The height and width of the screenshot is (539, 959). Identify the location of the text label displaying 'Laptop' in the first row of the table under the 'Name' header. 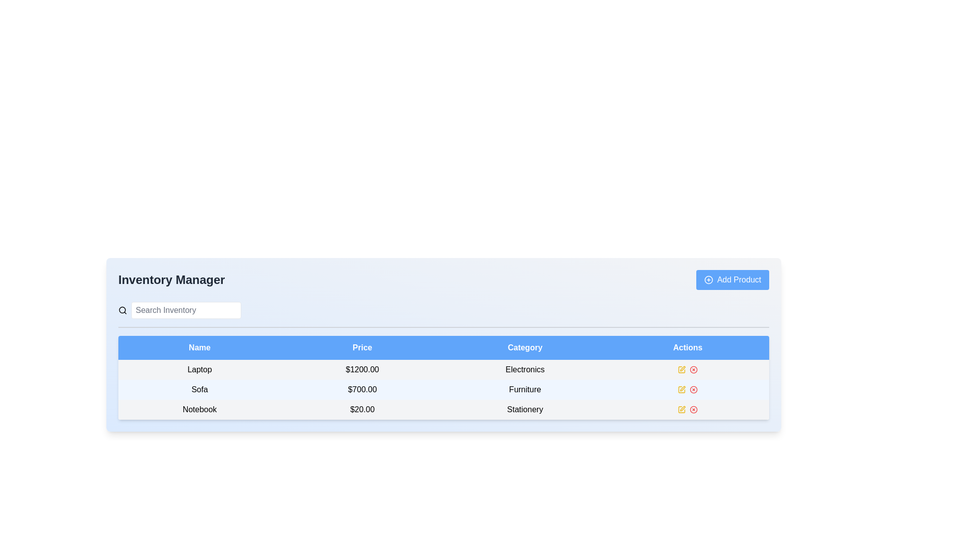
(199, 369).